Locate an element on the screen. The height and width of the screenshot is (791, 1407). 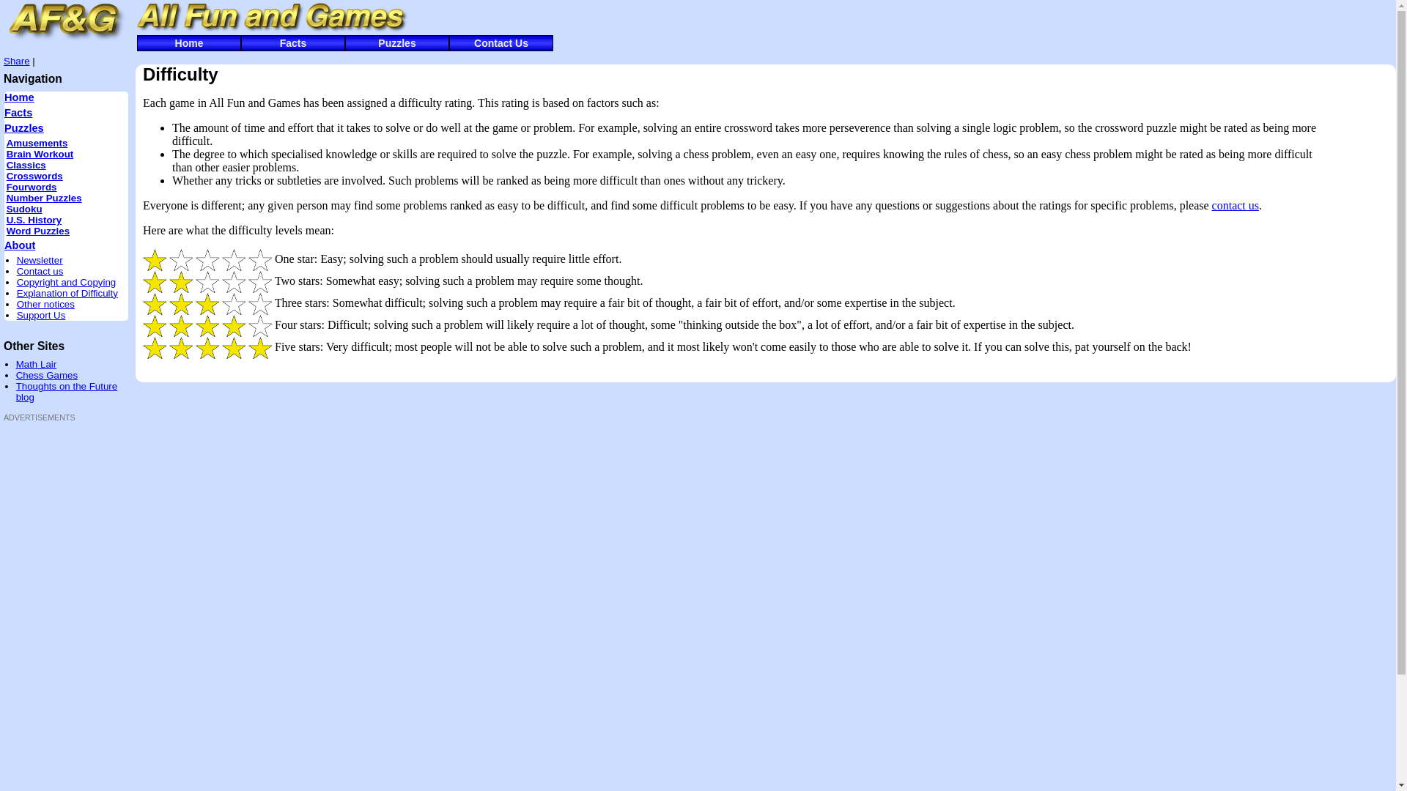
'Classics' is located at coordinates (26, 165).